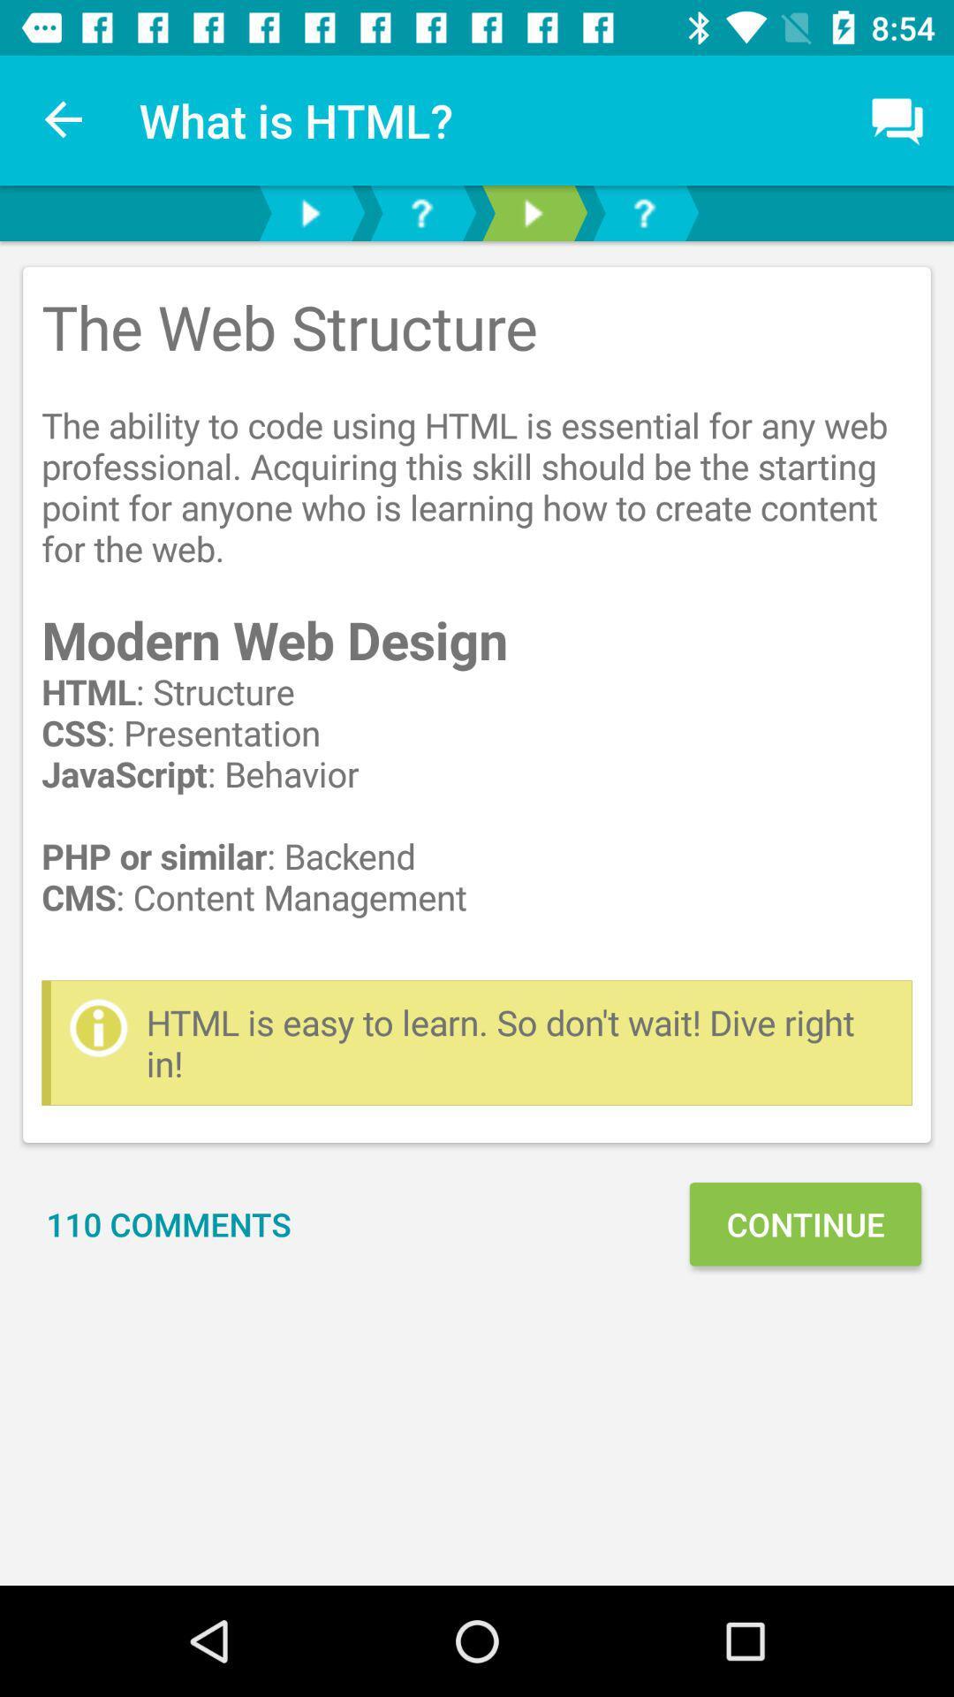 The image size is (954, 1697). I want to click on play, so click(309, 212).